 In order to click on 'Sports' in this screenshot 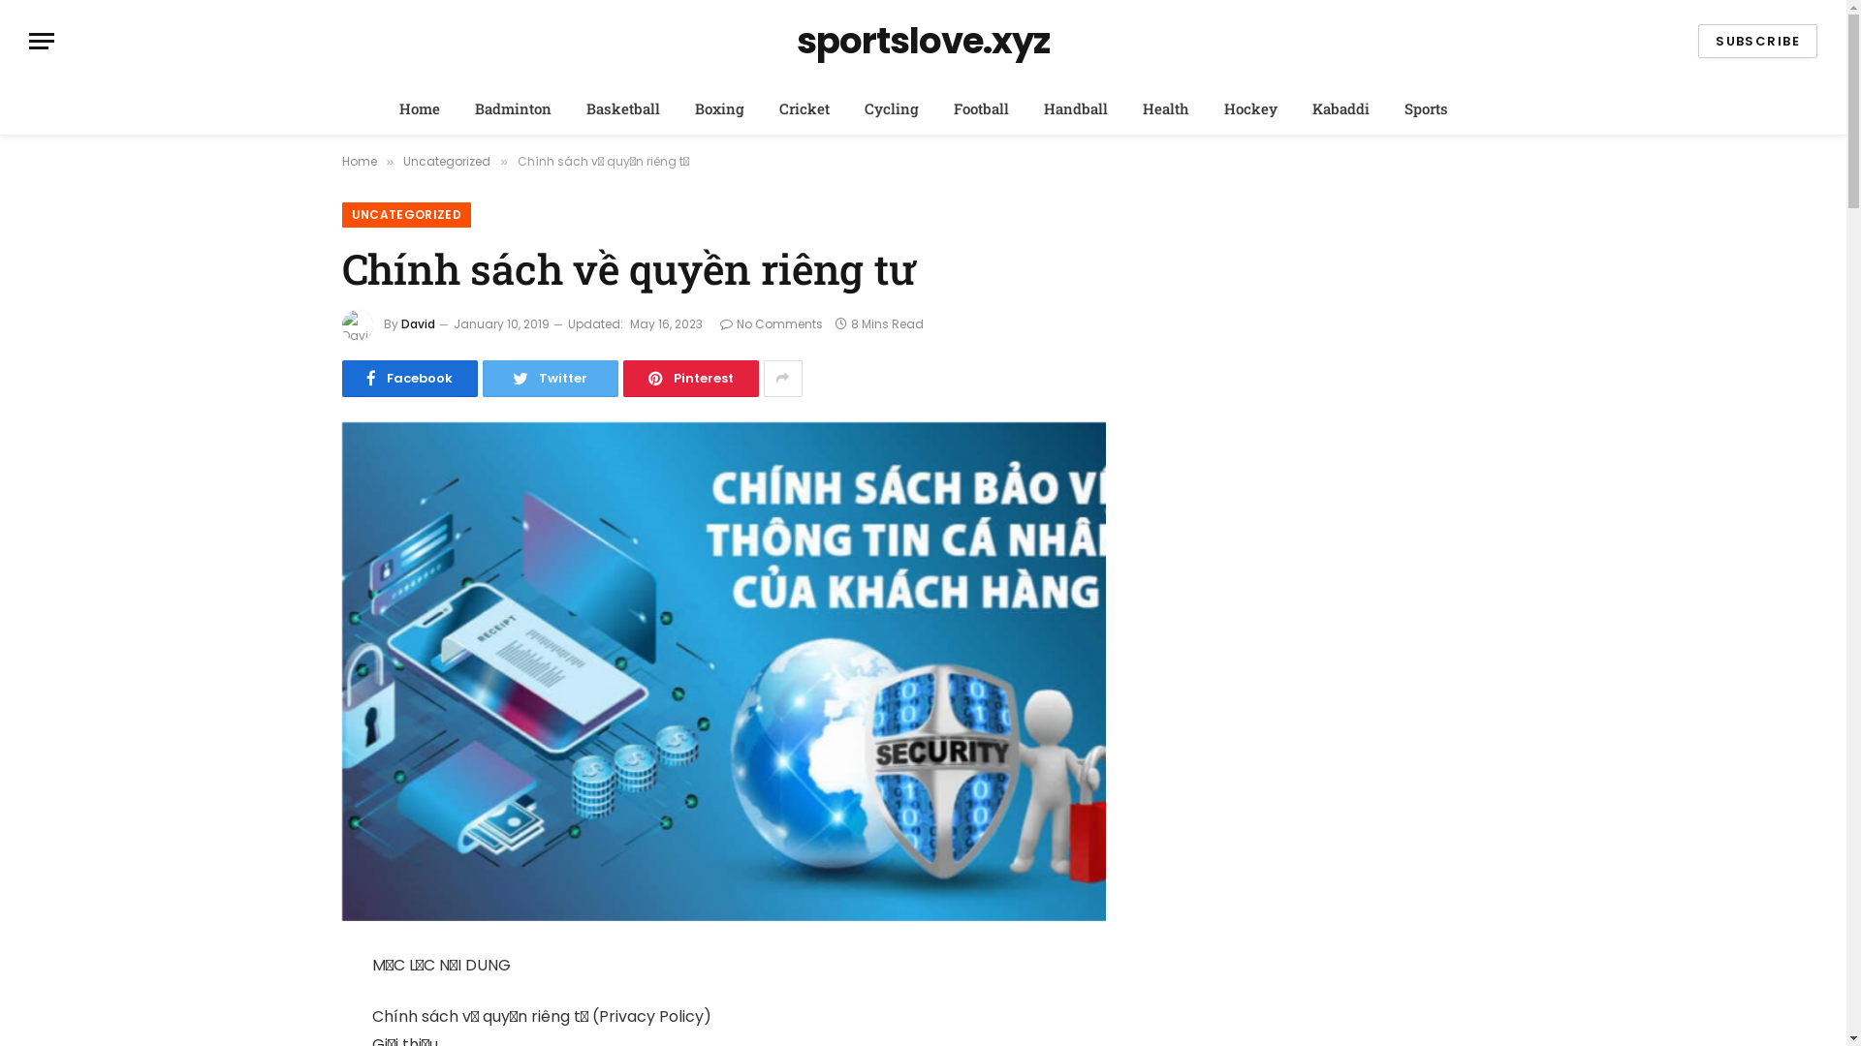, I will do `click(1425, 108)`.